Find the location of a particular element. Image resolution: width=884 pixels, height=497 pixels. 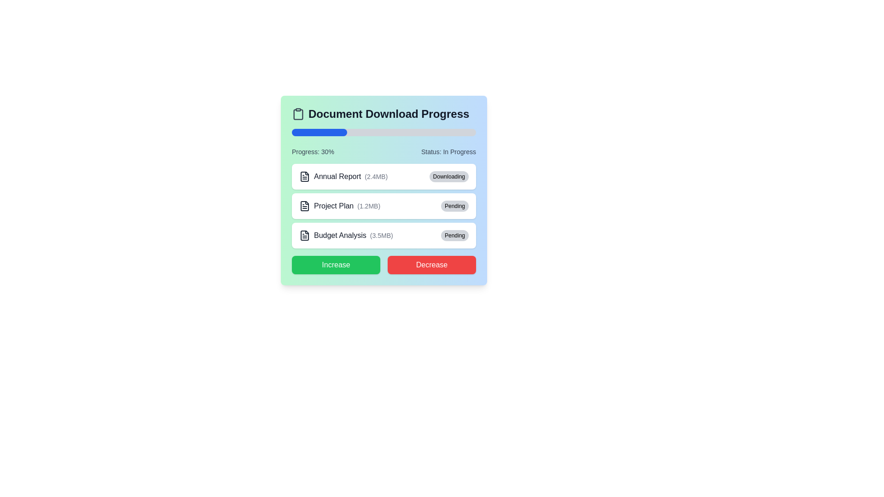

the second document entry labeled 'Project Plan (1.2MB)' with a pending status in the document status list is located at coordinates (384, 190).